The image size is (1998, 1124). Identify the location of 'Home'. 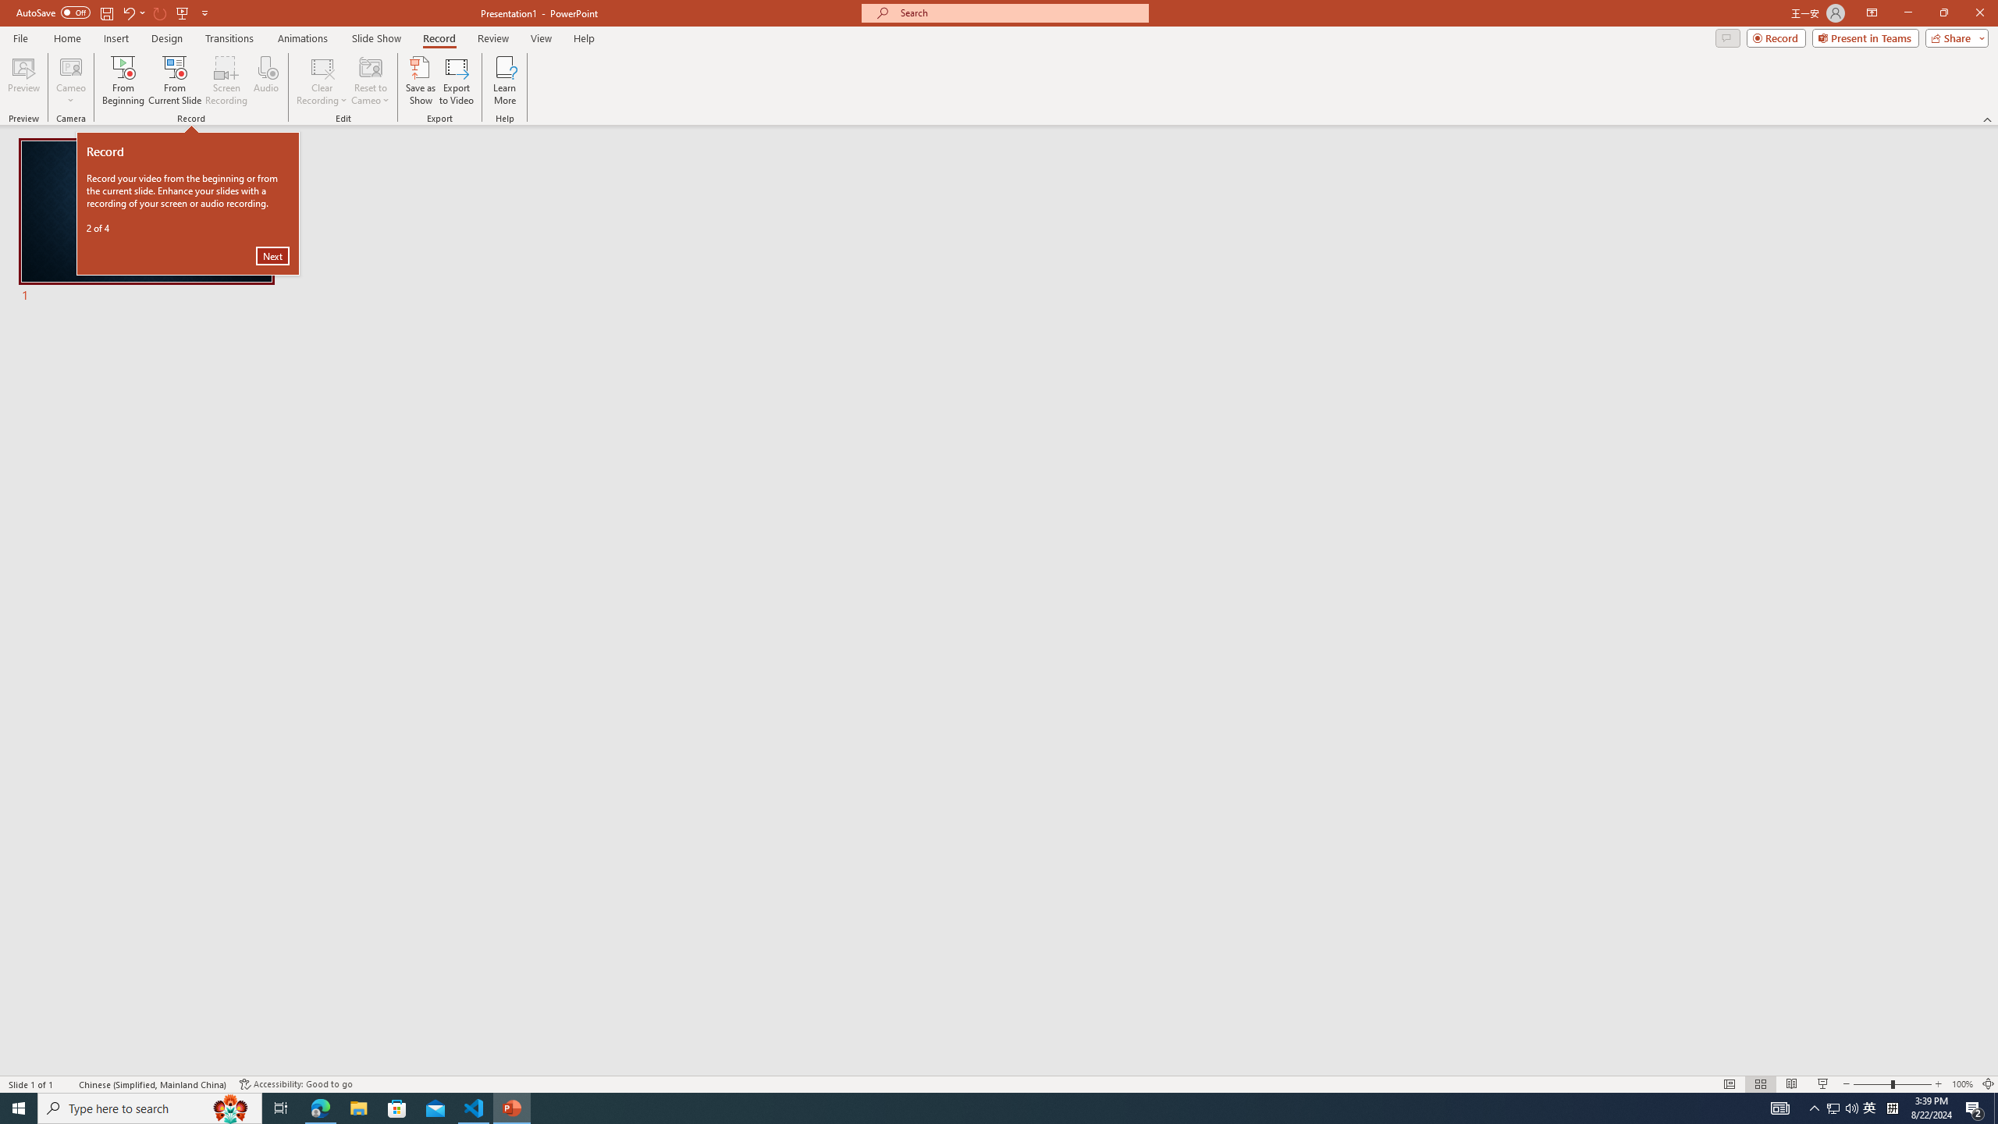
(66, 38).